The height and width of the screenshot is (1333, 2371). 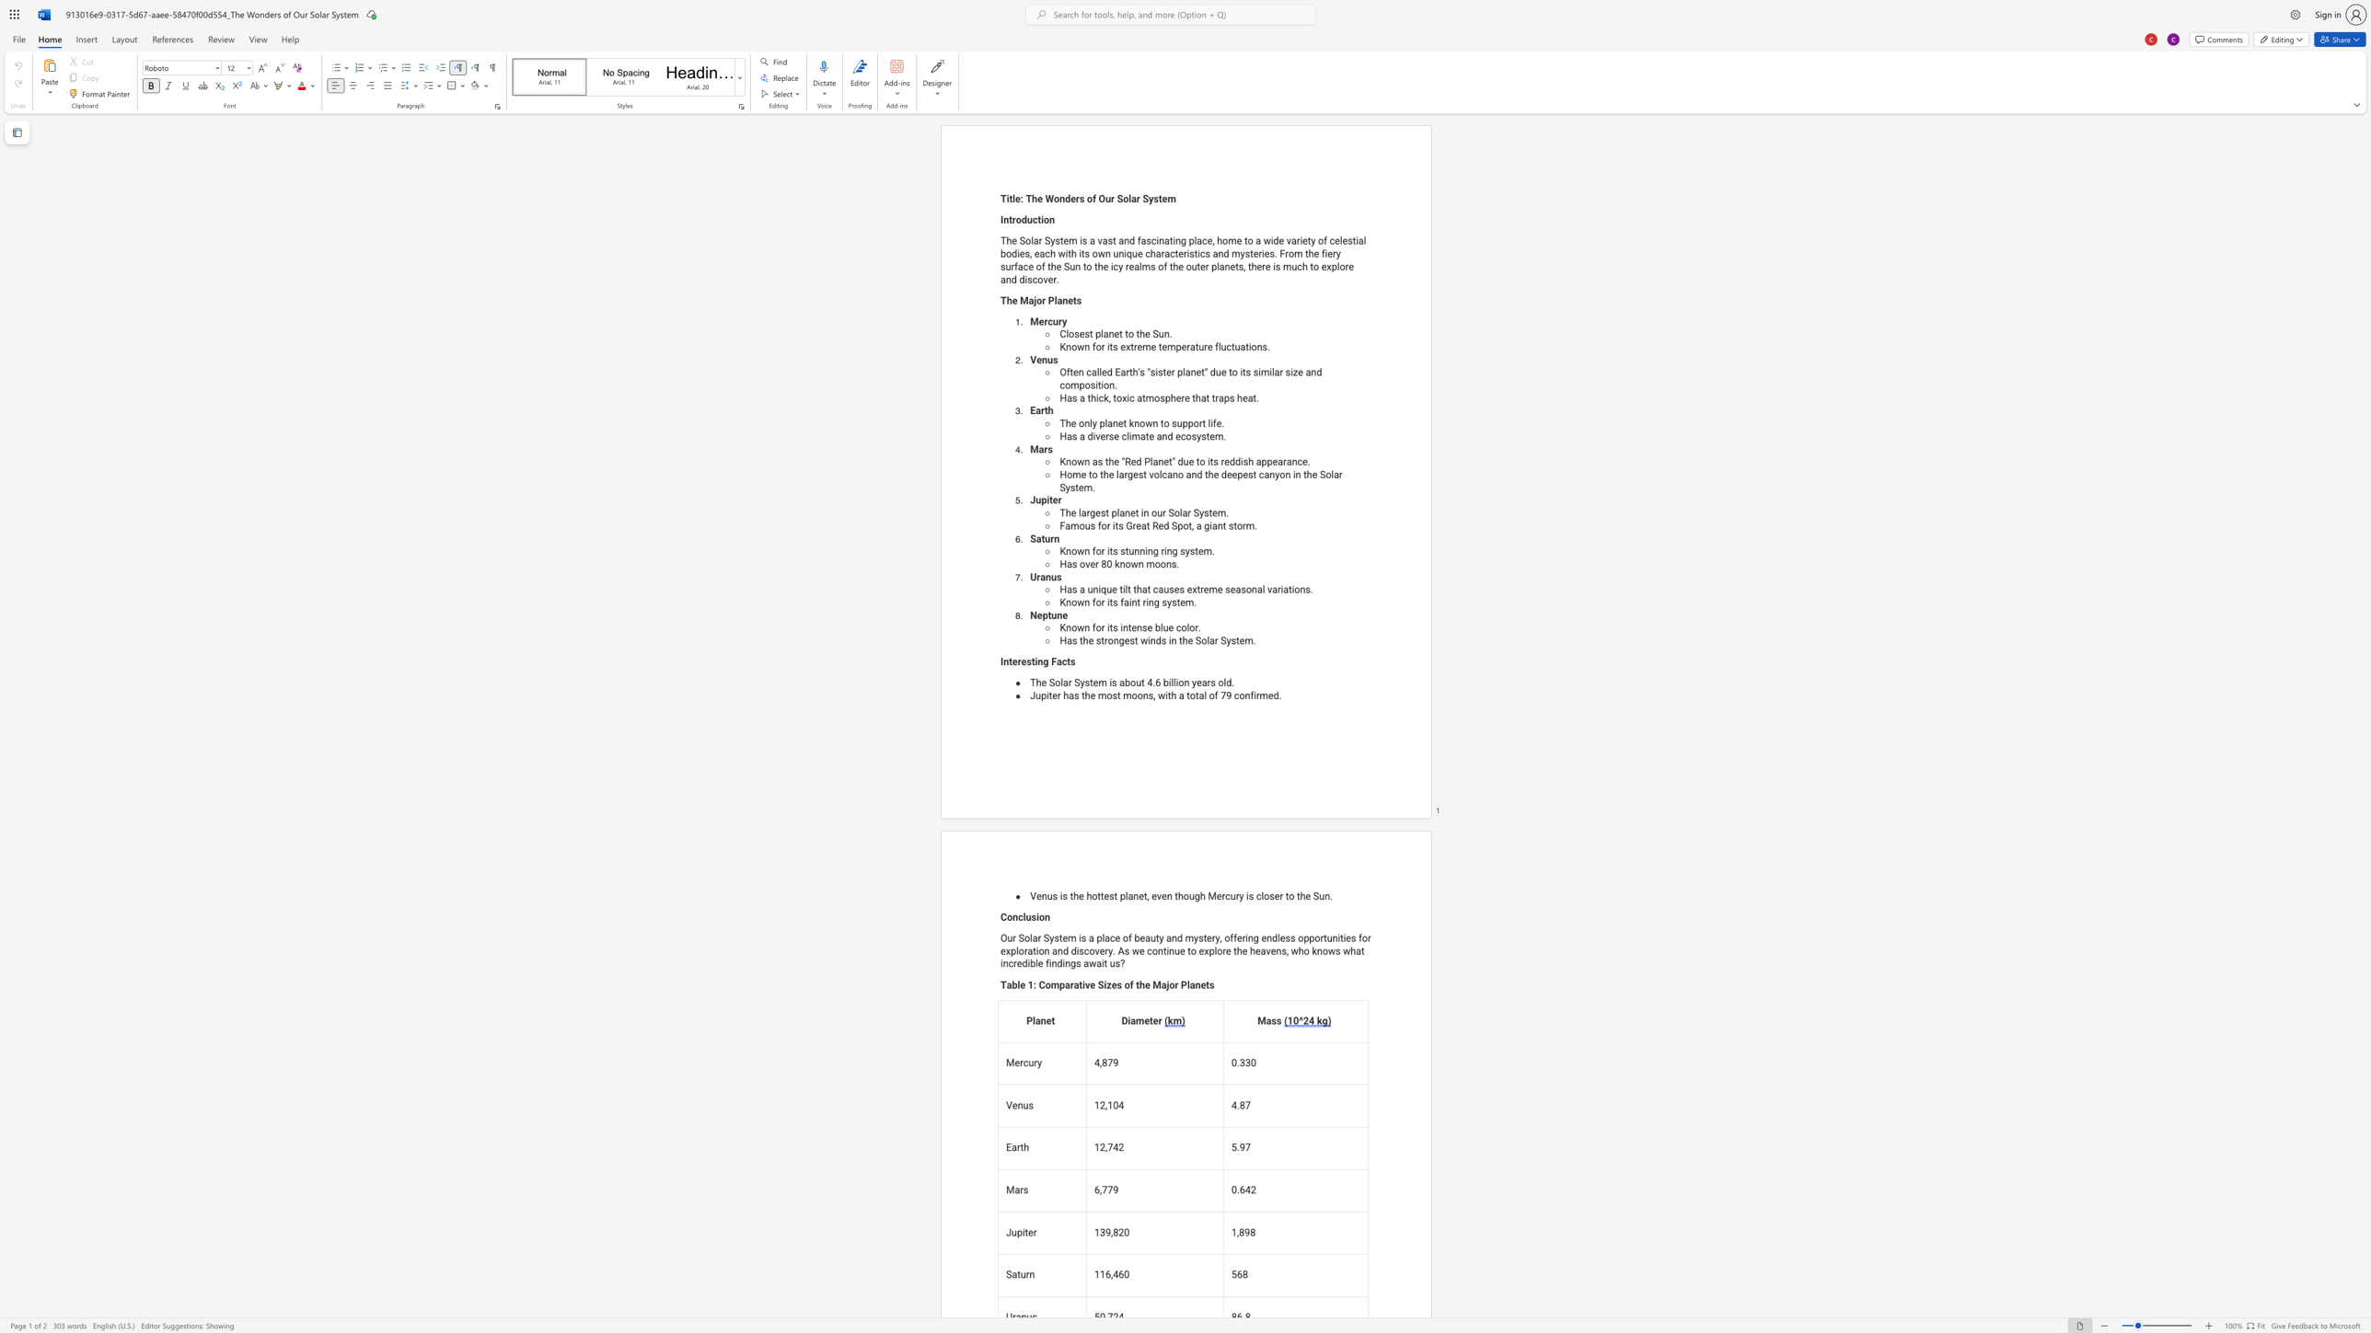 I want to click on the subset text "e hottest plane" within the text "Venus is the hottest planet, even though Mercury is closer to the Sun.", so click(x=1078, y=896).